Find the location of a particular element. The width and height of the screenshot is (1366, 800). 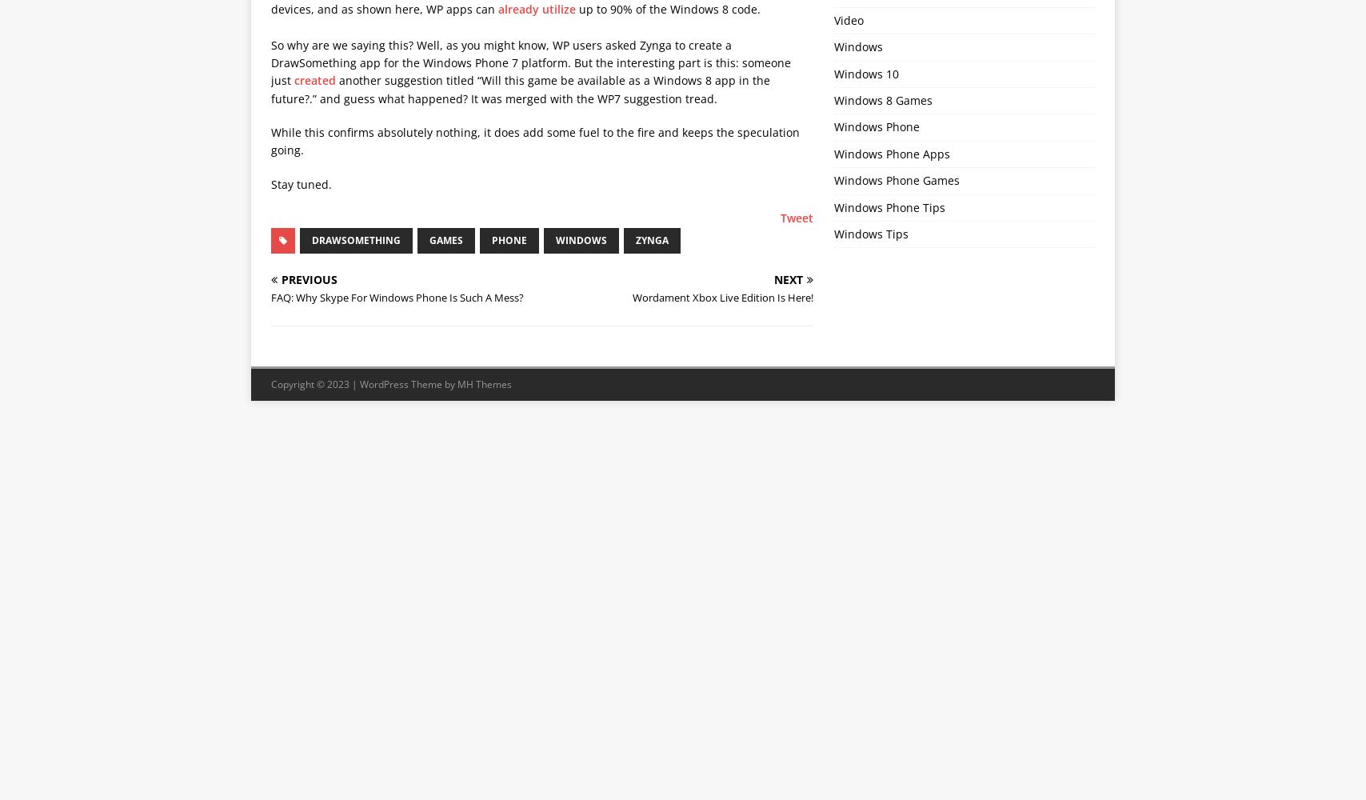

'already utilize' is located at coordinates (537, 8).